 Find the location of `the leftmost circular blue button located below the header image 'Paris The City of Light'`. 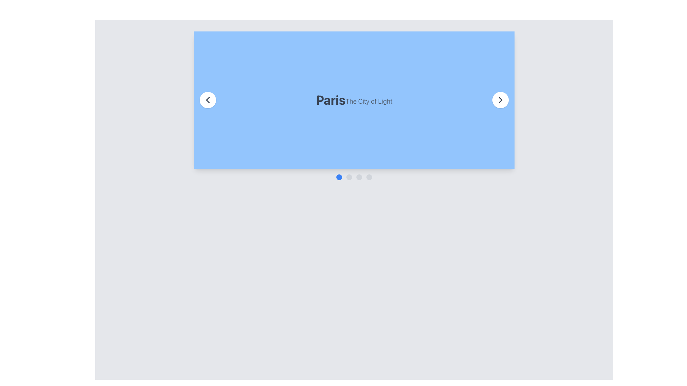

the leftmost circular blue button located below the header image 'Paris The City of Light' is located at coordinates (339, 177).